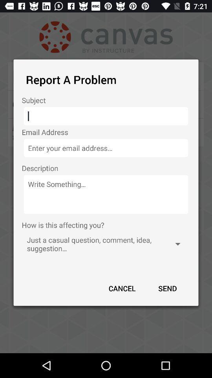  I want to click on the subject, so click(106, 116).